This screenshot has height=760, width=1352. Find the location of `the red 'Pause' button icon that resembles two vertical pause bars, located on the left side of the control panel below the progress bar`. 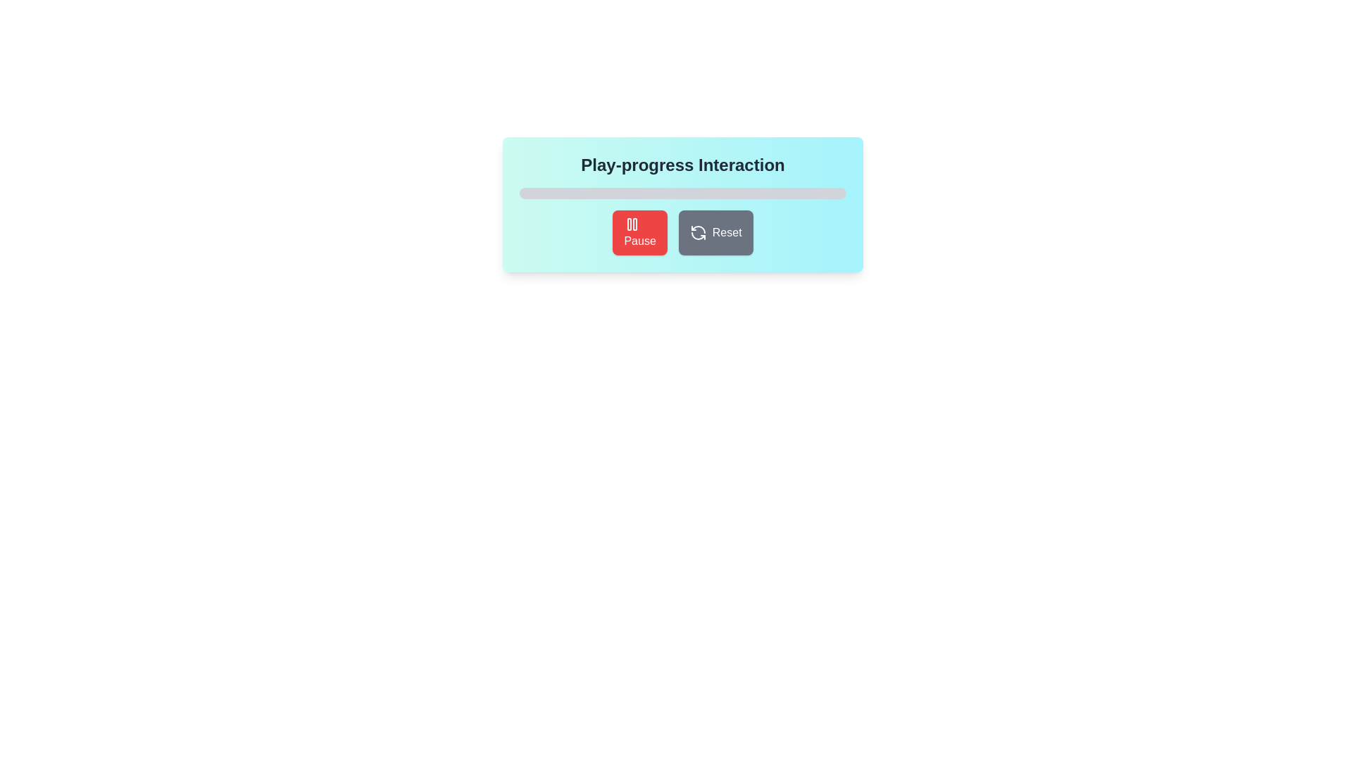

the red 'Pause' button icon that resembles two vertical pause bars, located on the left side of the control panel below the progress bar is located at coordinates (632, 224).